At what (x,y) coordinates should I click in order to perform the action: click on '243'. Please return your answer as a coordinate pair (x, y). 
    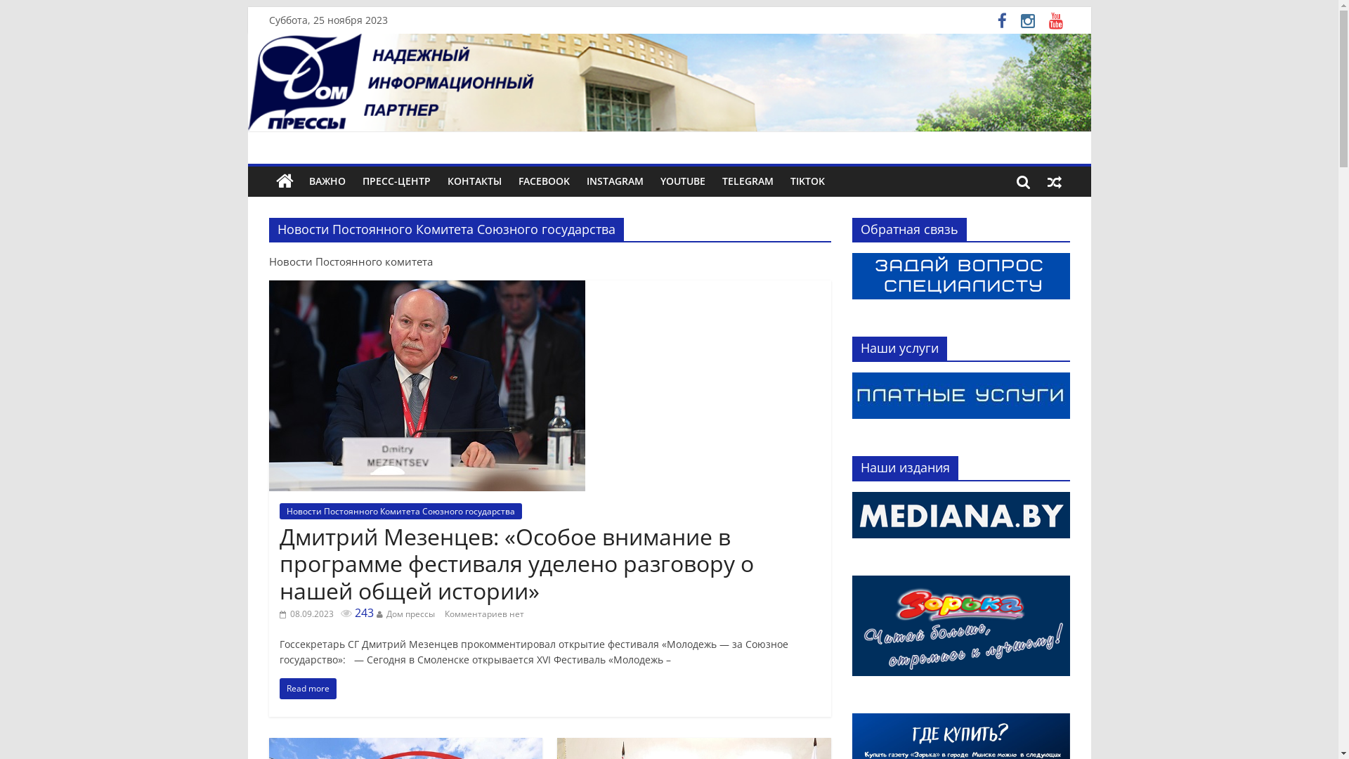
    Looking at the image, I should click on (340, 611).